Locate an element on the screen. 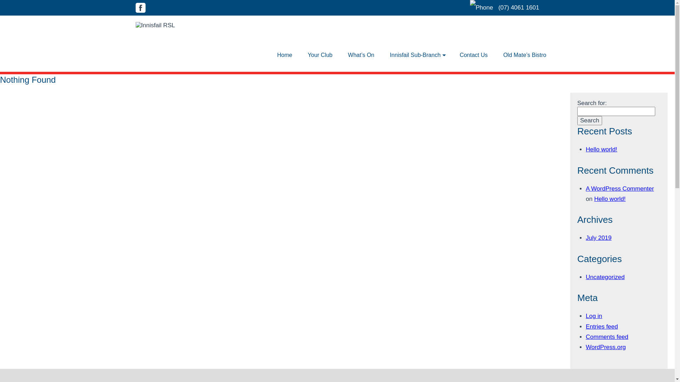  'Log in' is located at coordinates (594, 316).